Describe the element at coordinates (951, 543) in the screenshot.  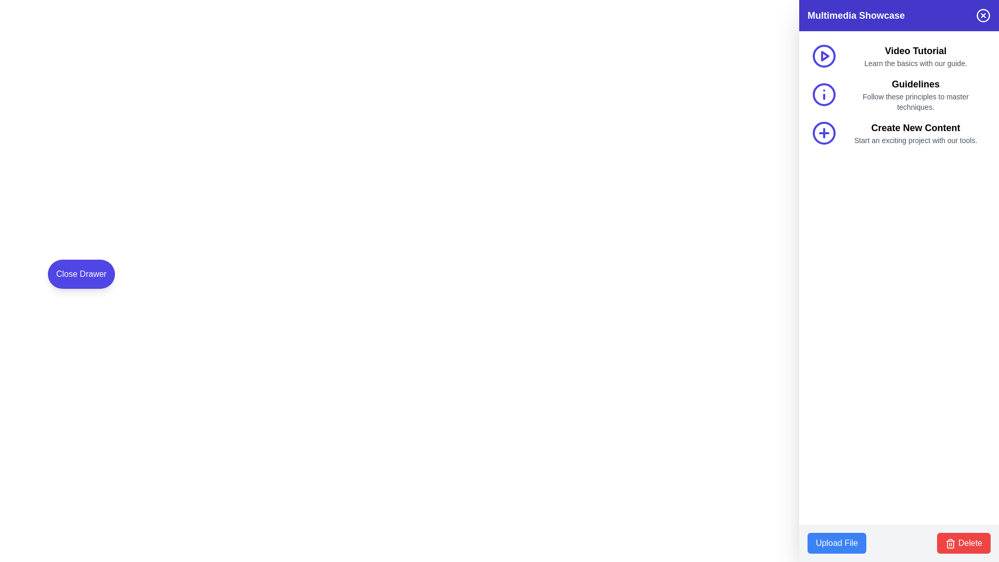
I see `the delete icon located inside the red 'Delete' button at the bottom-right corner of the interface, positioned to the left of the text label` at that location.